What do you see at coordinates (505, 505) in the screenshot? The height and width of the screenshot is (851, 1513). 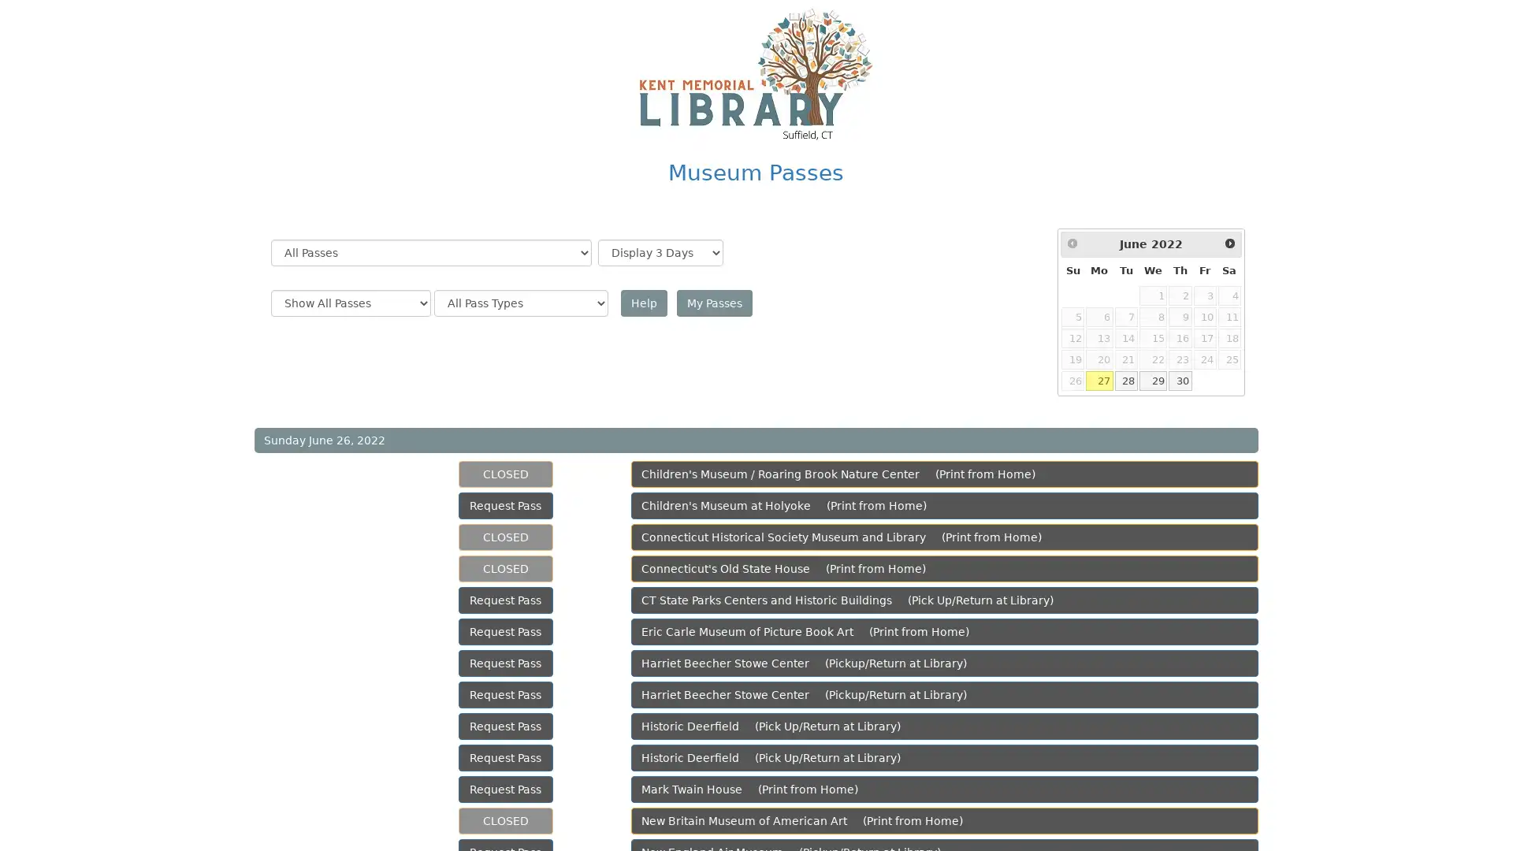 I see `Request Pass` at bounding box center [505, 505].